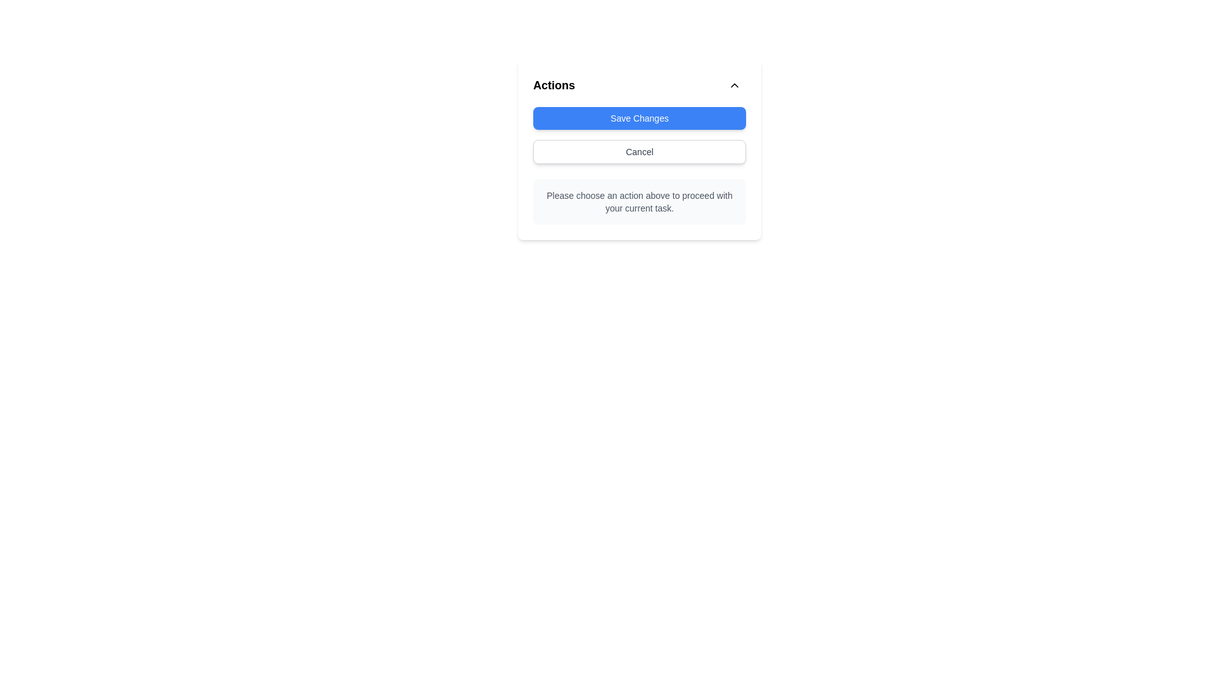  I want to click on the 'Cancel' button located in the Action Panel, which is a white button with gray borders, positioned below the title 'Actions', so click(639, 148).